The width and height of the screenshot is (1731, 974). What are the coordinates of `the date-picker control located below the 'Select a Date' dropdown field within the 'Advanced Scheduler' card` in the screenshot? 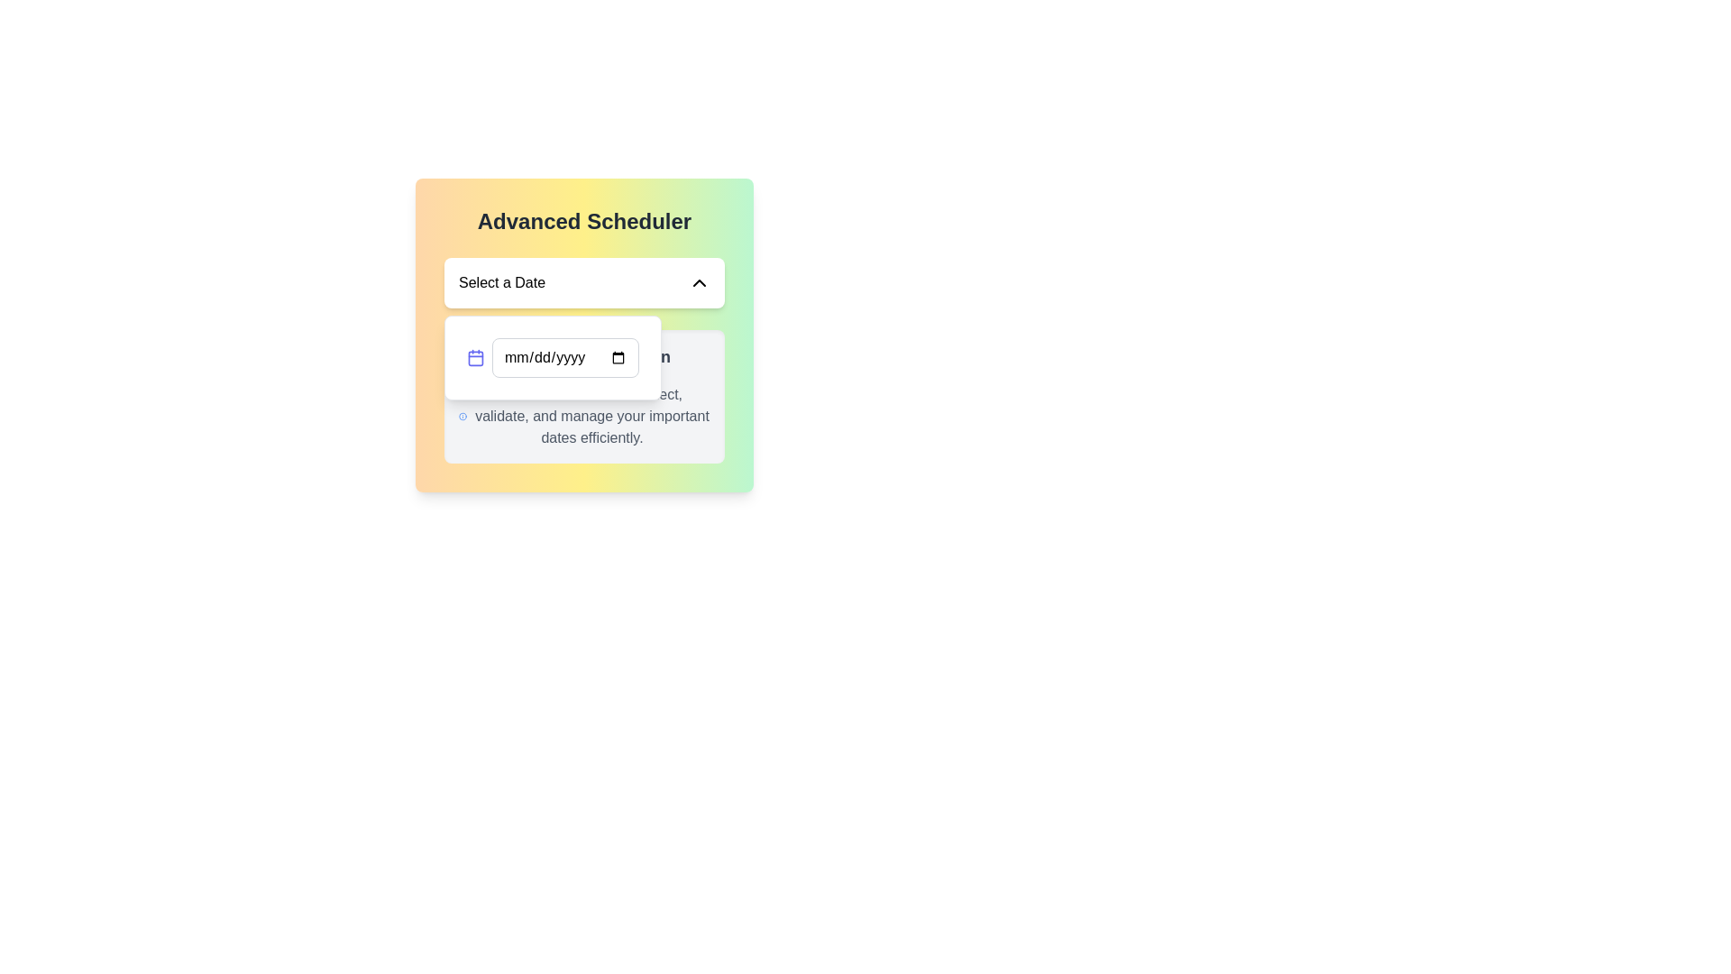 It's located at (552, 358).